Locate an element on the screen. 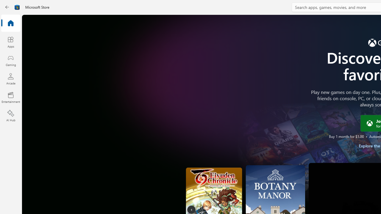 This screenshot has width=381, height=214. 'Entertainment' is located at coordinates (10, 97).